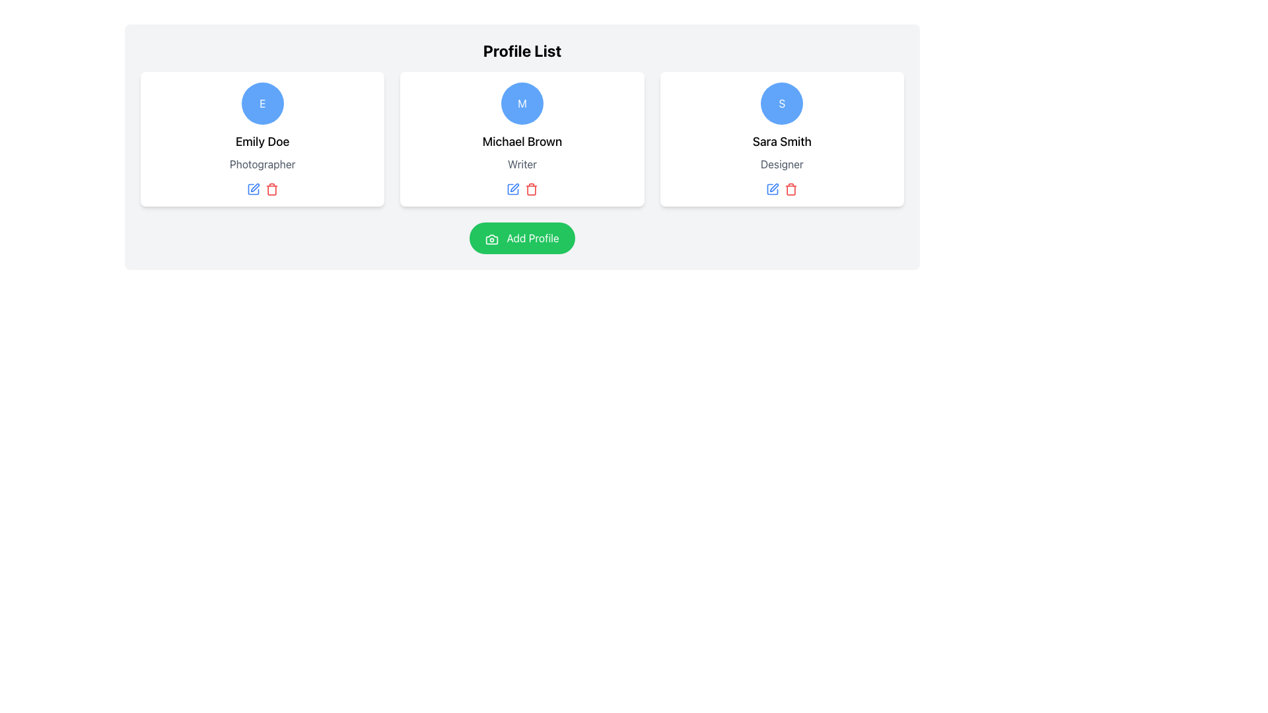 The width and height of the screenshot is (1268, 713). Describe the element at coordinates (522, 103) in the screenshot. I see `the Circular Initial Badge representing 'M' for Michael Brown, located at the top center of the profile card in the middle of three profile cards` at that location.